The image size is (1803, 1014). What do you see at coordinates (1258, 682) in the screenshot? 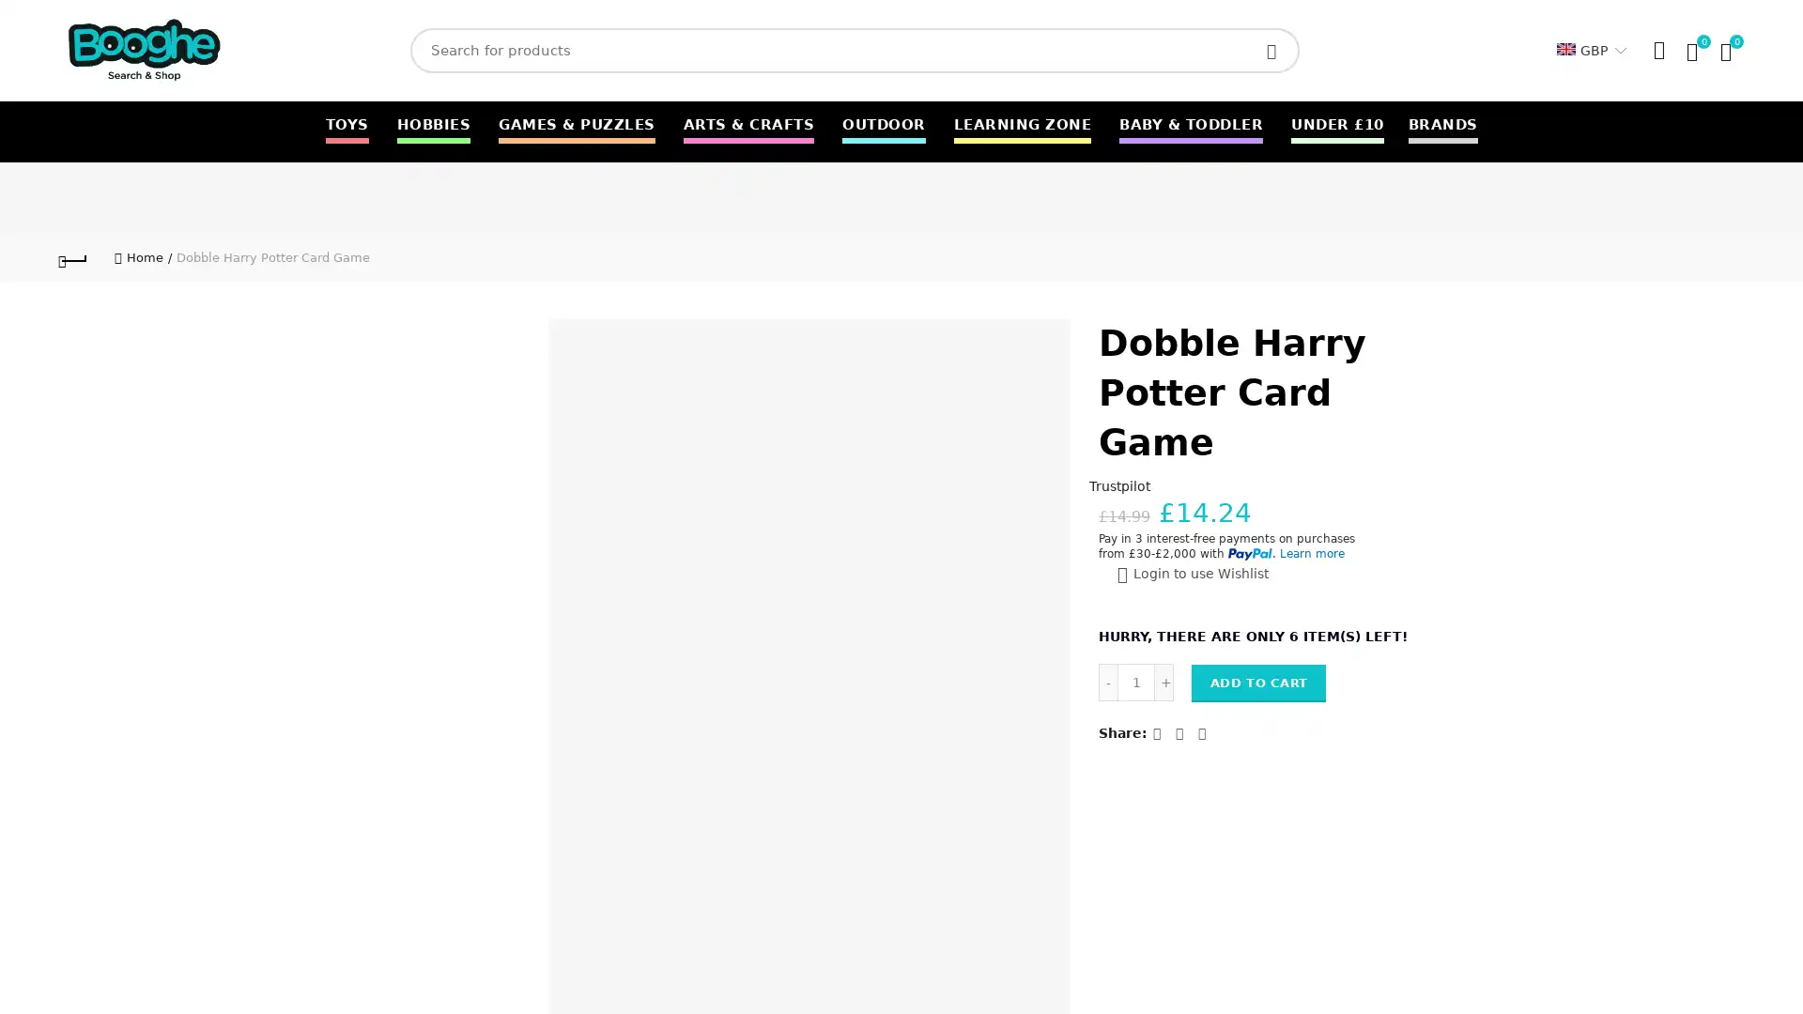
I see `ADD TO CART` at bounding box center [1258, 682].